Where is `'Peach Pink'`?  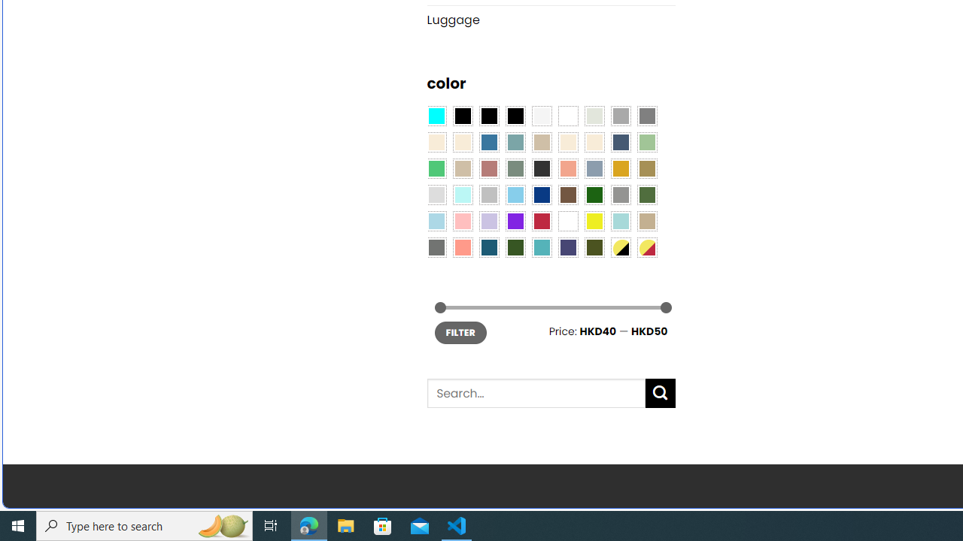
'Peach Pink' is located at coordinates (462, 246).